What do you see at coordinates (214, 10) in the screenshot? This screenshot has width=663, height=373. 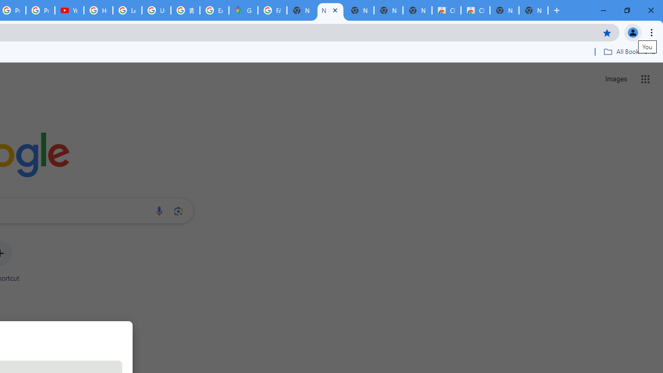 I see `'Explore new street-level details - Google Maps Help'` at bounding box center [214, 10].